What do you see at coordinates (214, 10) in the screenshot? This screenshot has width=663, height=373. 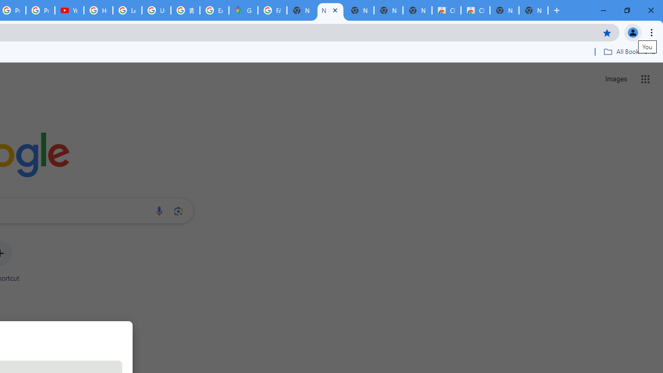 I see `'Explore new street-level details - Google Maps Help'` at bounding box center [214, 10].